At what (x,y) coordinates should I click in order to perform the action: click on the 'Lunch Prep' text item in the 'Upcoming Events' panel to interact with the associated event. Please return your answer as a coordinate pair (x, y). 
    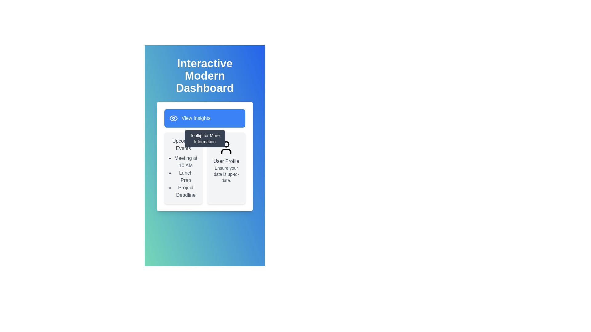
    Looking at the image, I should click on (185, 176).